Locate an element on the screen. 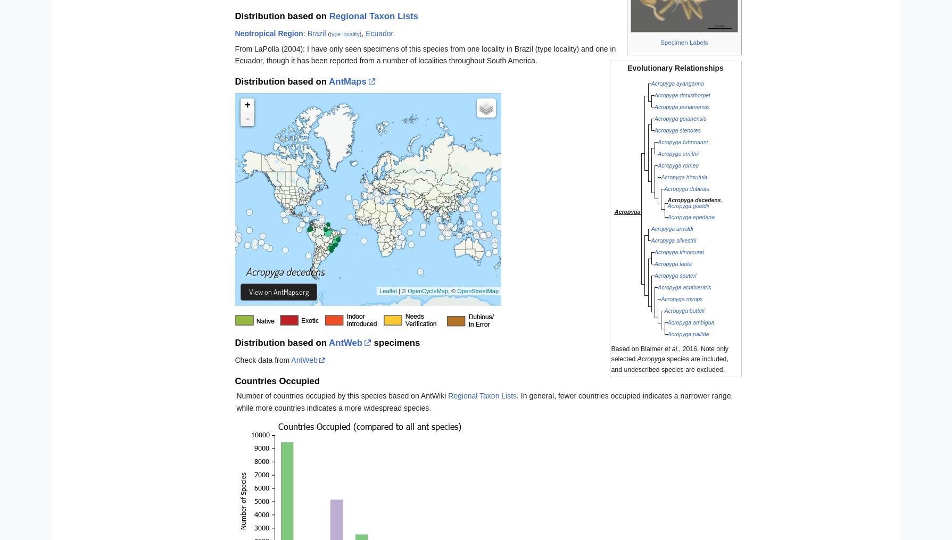 Image resolution: width=952 pixels, height=540 pixels. 'Acropyga silvestrii' is located at coordinates (673, 239).